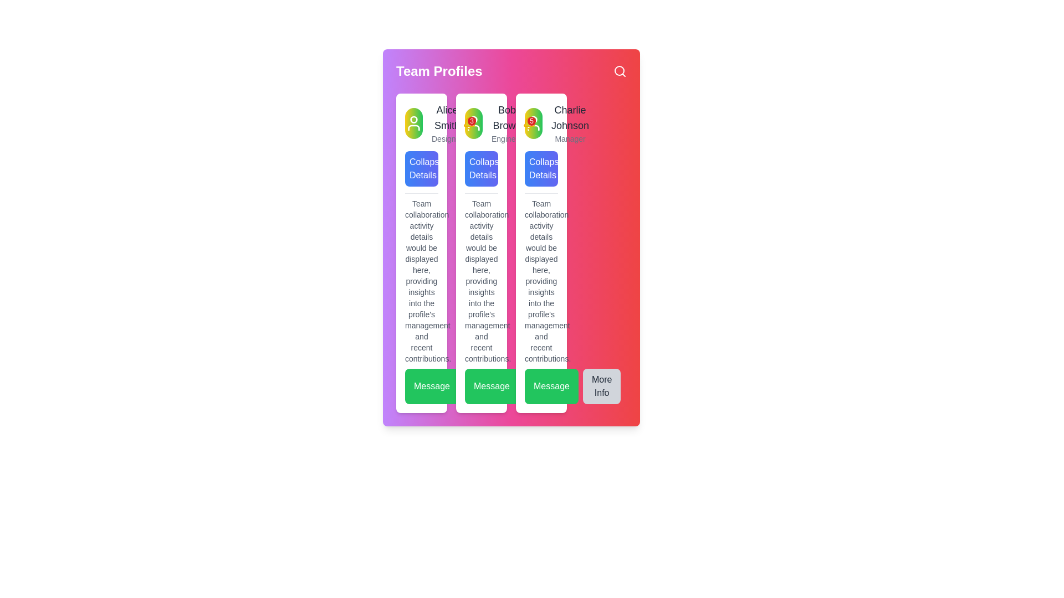  Describe the element at coordinates (534, 123) in the screenshot. I see `the circular graphical profile indicator located at the top-right corner of the 'Charlie Johnson Manager' column` at that location.